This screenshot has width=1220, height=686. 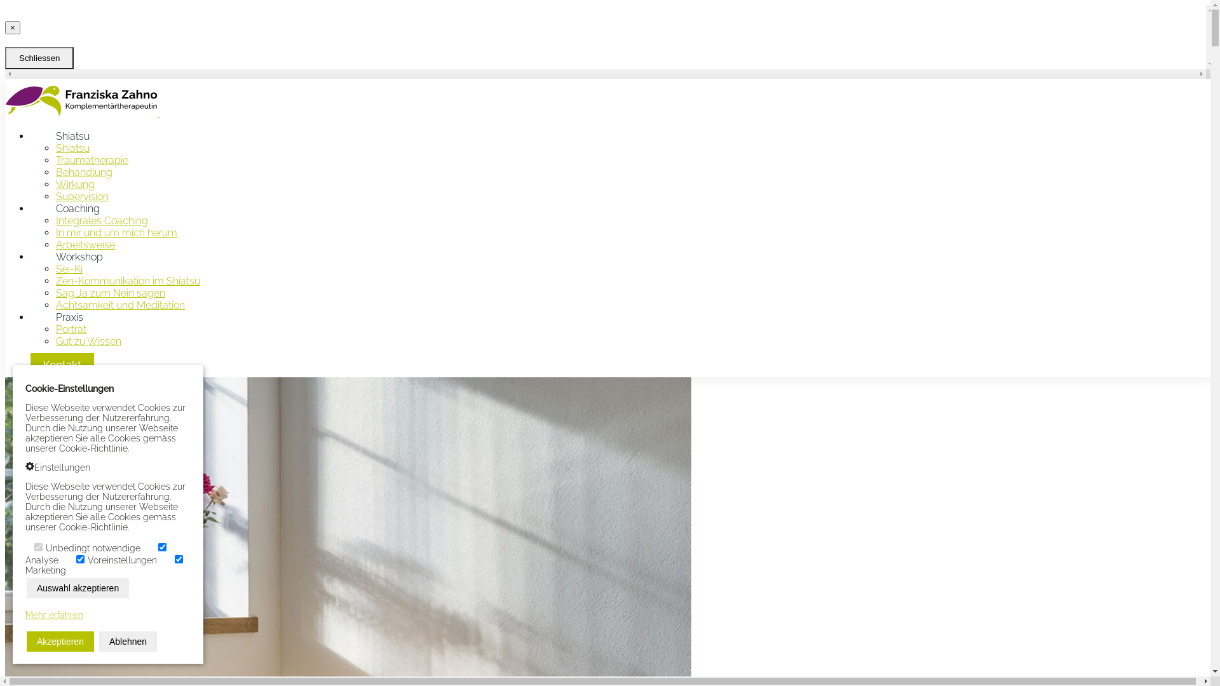 What do you see at coordinates (53, 614) in the screenshot?
I see `'Mehr erfahren'` at bounding box center [53, 614].